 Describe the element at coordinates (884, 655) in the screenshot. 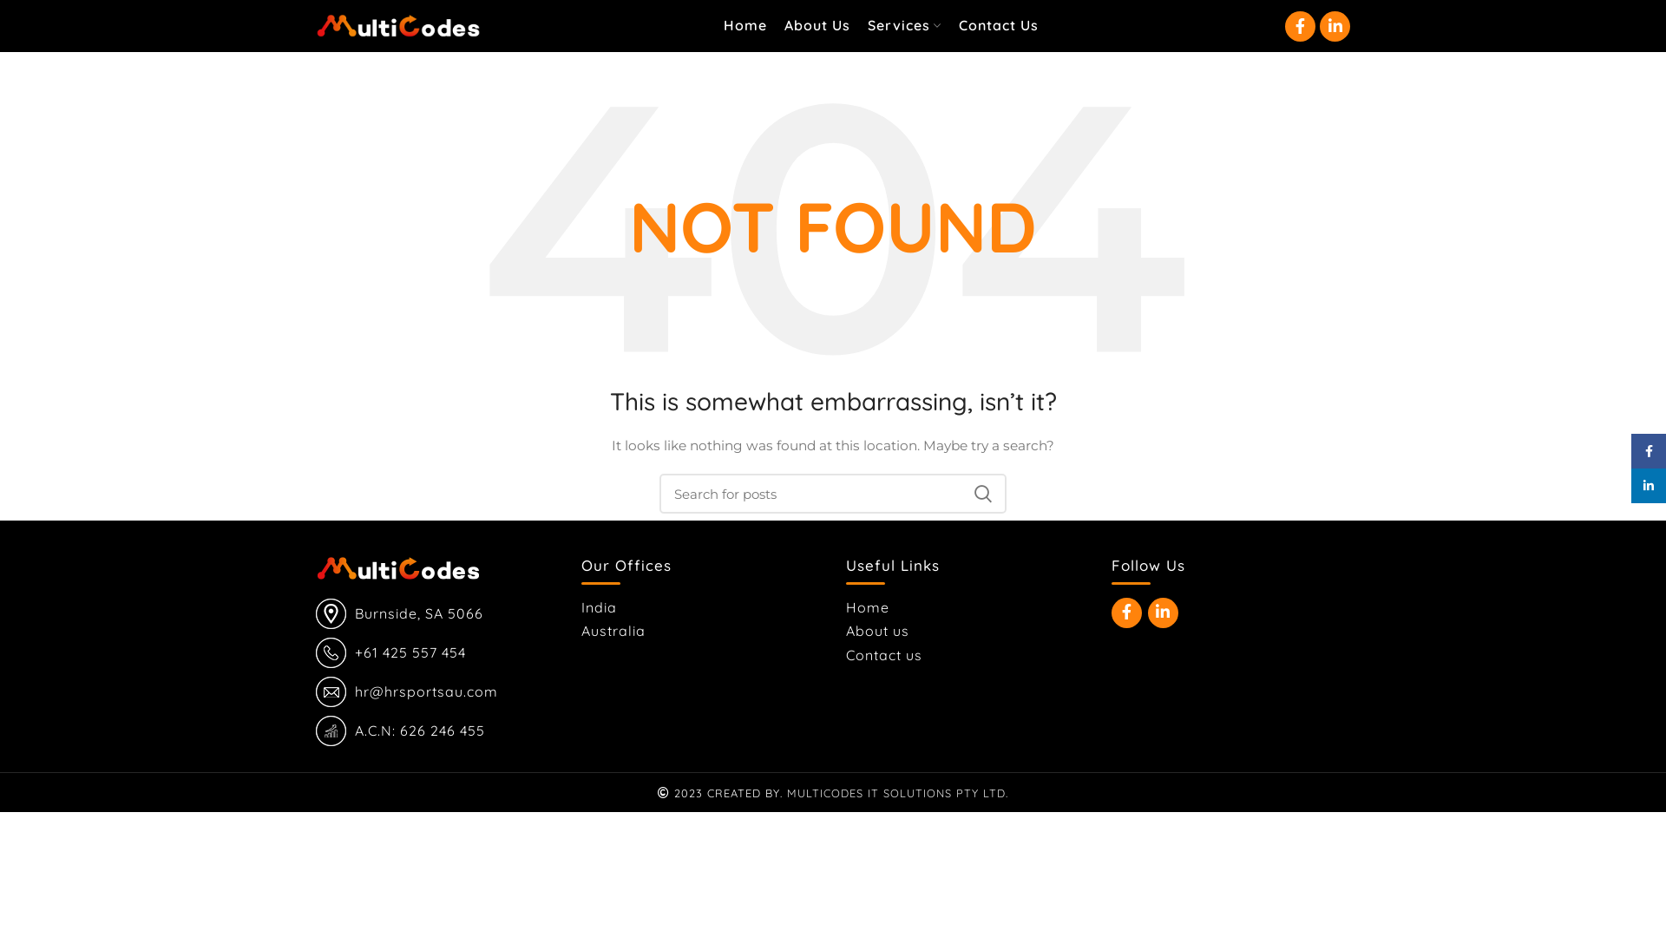

I see `'Contact us'` at that location.